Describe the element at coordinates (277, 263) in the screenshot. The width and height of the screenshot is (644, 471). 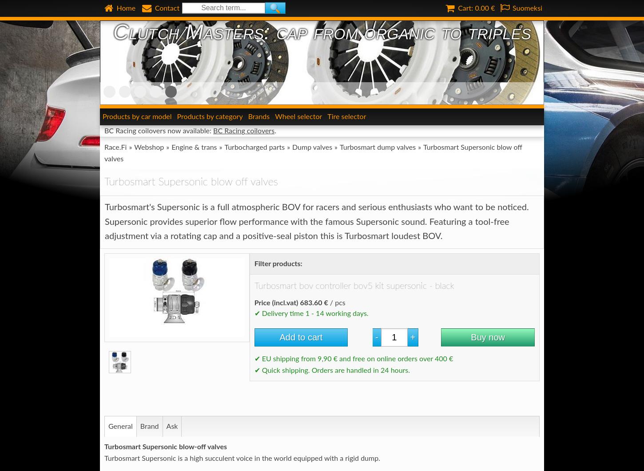
I see `'Filter products:'` at that location.